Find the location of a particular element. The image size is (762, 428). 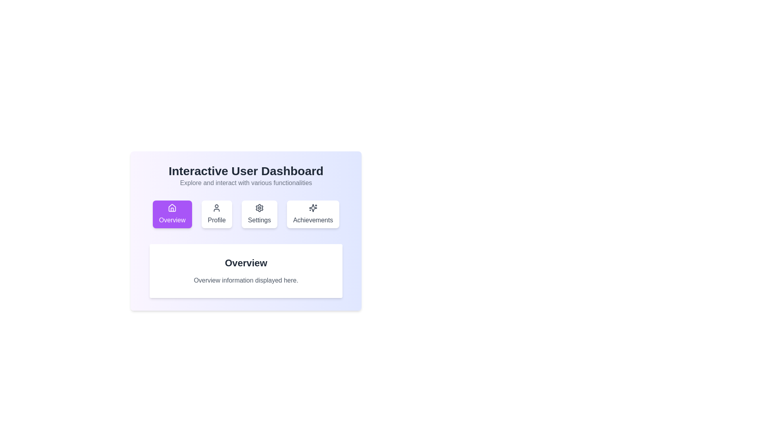

the visual indication of the house icon that is part of the 'Overview' navigation button located in the top left section of the interface is located at coordinates (172, 207).